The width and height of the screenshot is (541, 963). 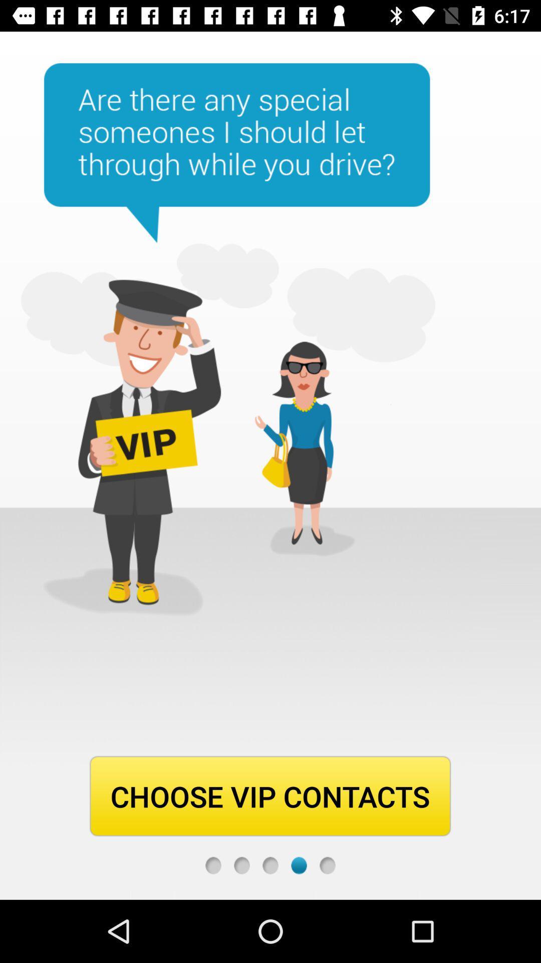 What do you see at coordinates (328, 865) in the screenshot?
I see `next page` at bounding box center [328, 865].